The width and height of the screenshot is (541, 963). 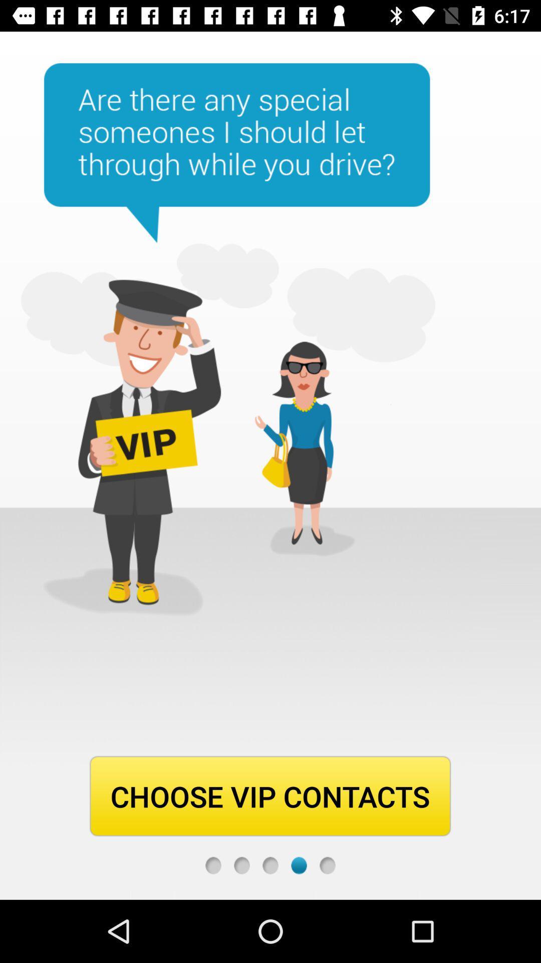 What do you see at coordinates (328, 865) in the screenshot?
I see `next page` at bounding box center [328, 865].